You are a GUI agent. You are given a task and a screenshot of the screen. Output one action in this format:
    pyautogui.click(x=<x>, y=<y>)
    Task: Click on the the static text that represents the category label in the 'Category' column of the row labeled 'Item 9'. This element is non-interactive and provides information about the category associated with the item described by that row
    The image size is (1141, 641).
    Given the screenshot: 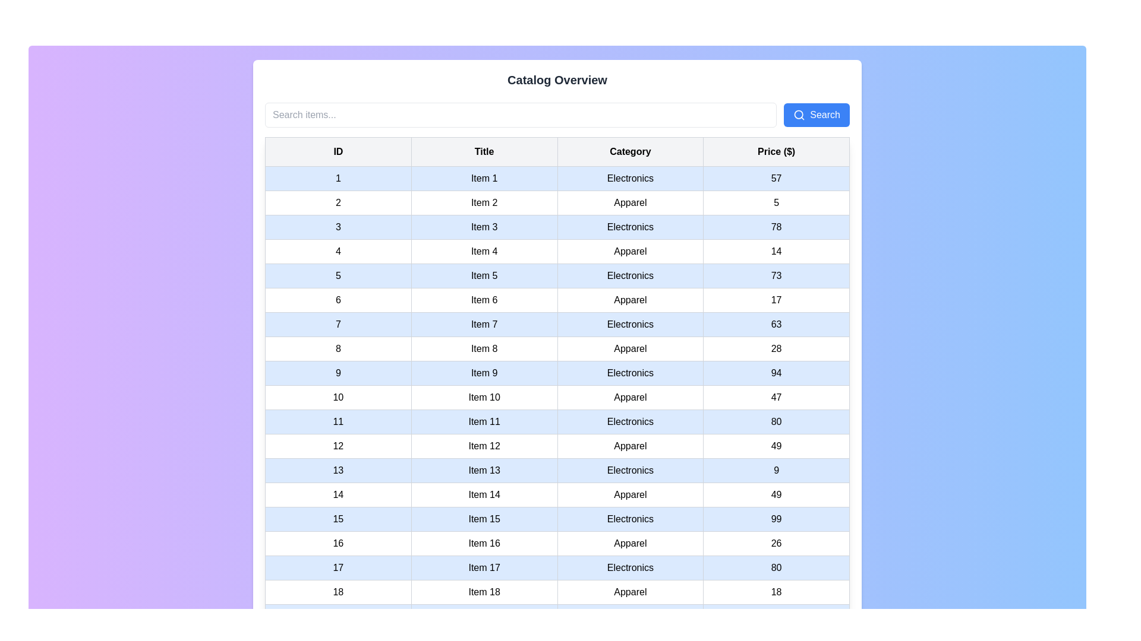 What is the action you would take?
    pyautogui.click(x=629, y=372)
    